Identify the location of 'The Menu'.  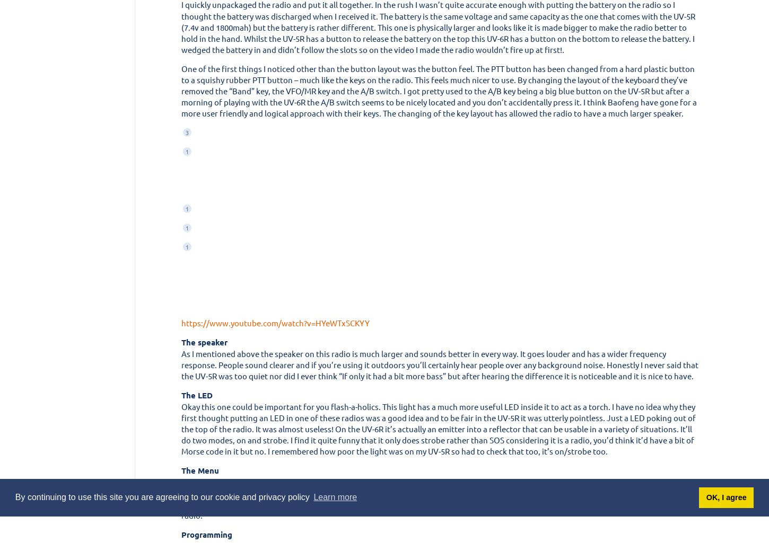
(199, 469).